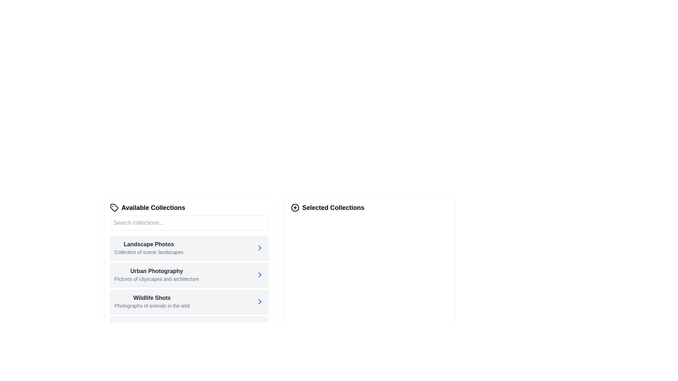 The image size is (678, 381). What do you see at coordinates (114, 207) in the screenshot?
I see `the tag-like icon located next to the 'Available Collections' header, which has a small circle near one corner` at bounding box center [114, 207].